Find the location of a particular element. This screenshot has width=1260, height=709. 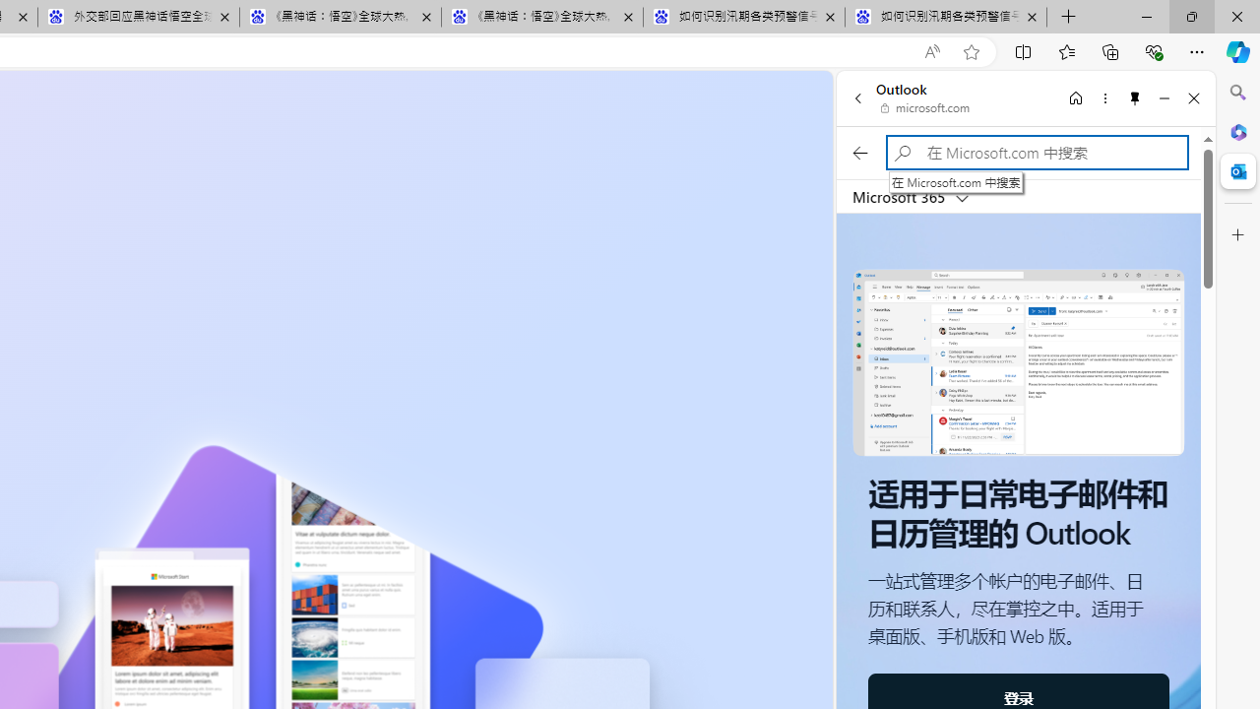

'Copilot (Ctrl+Shift+.)' is located at coordinates (1237, 50).